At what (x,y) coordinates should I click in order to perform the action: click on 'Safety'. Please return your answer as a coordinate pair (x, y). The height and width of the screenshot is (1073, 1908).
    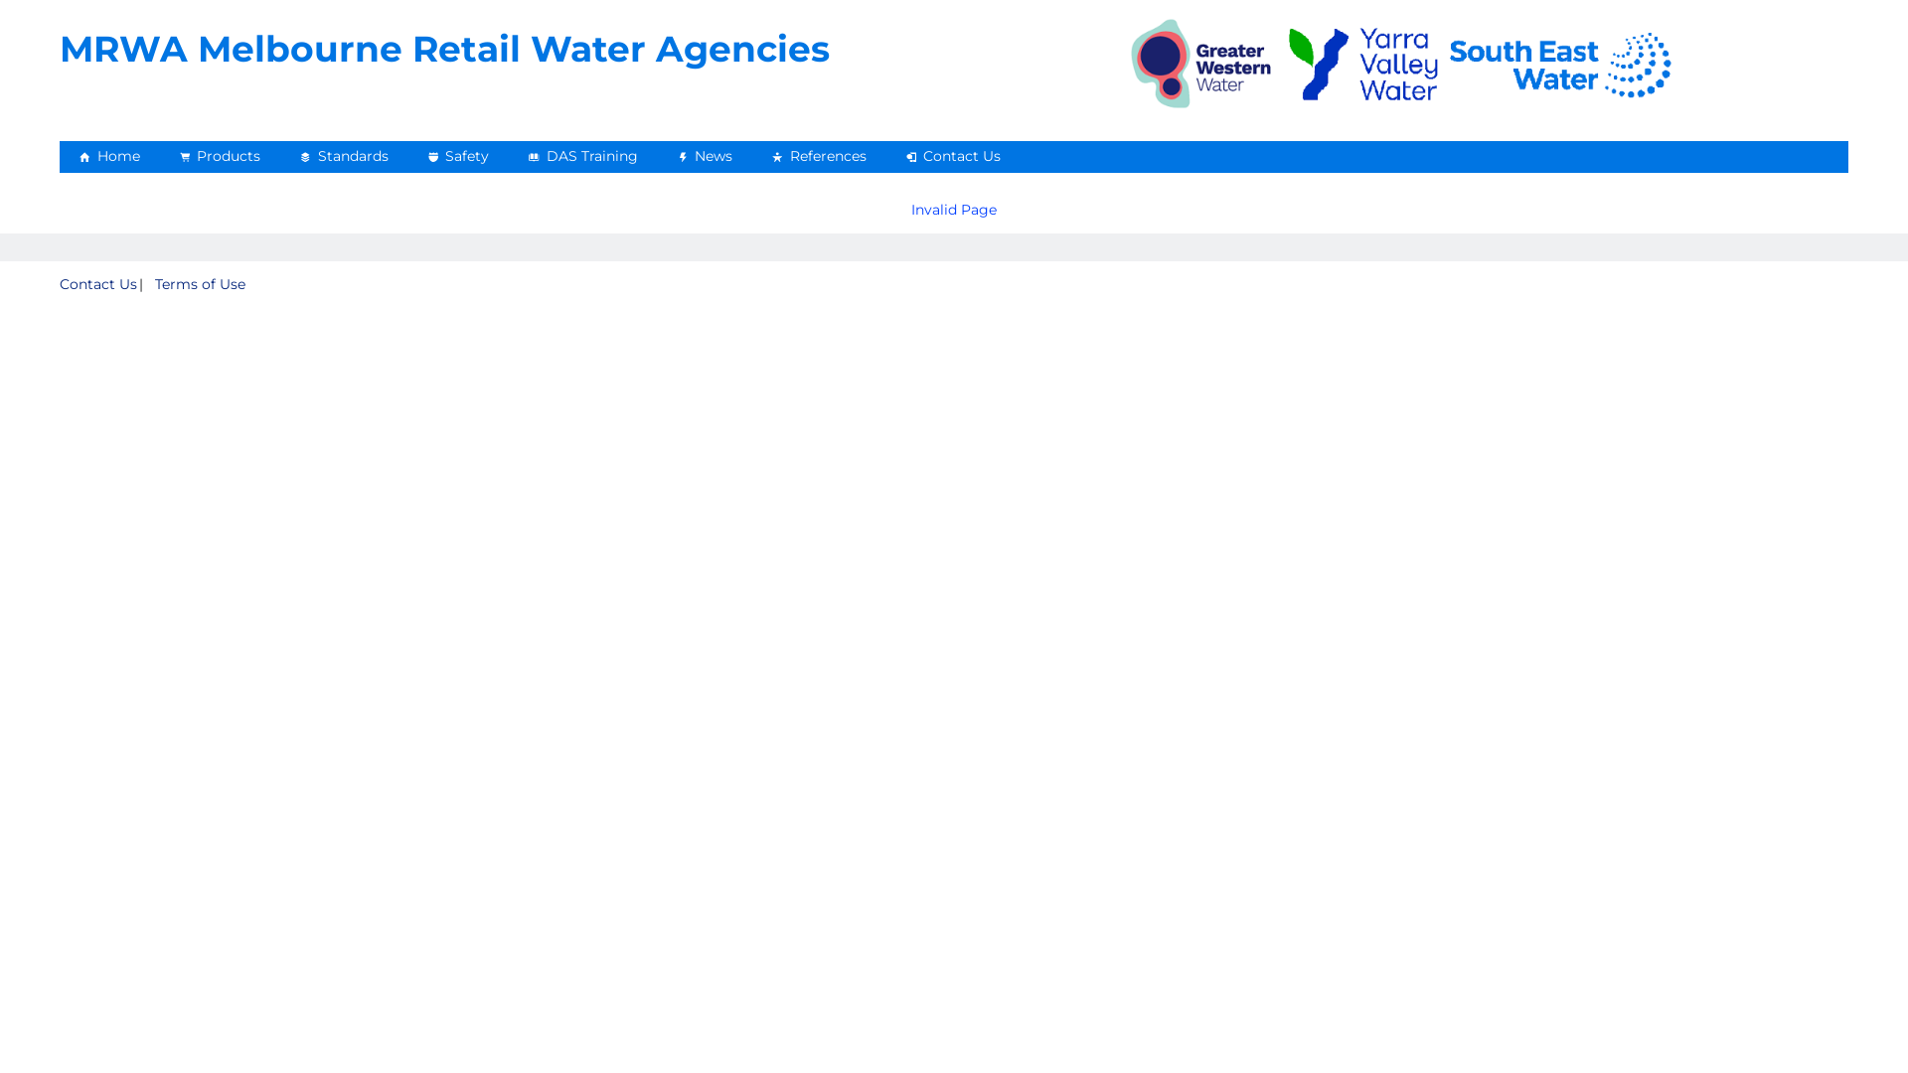
    Looking at the image, I should click on (456, 155).